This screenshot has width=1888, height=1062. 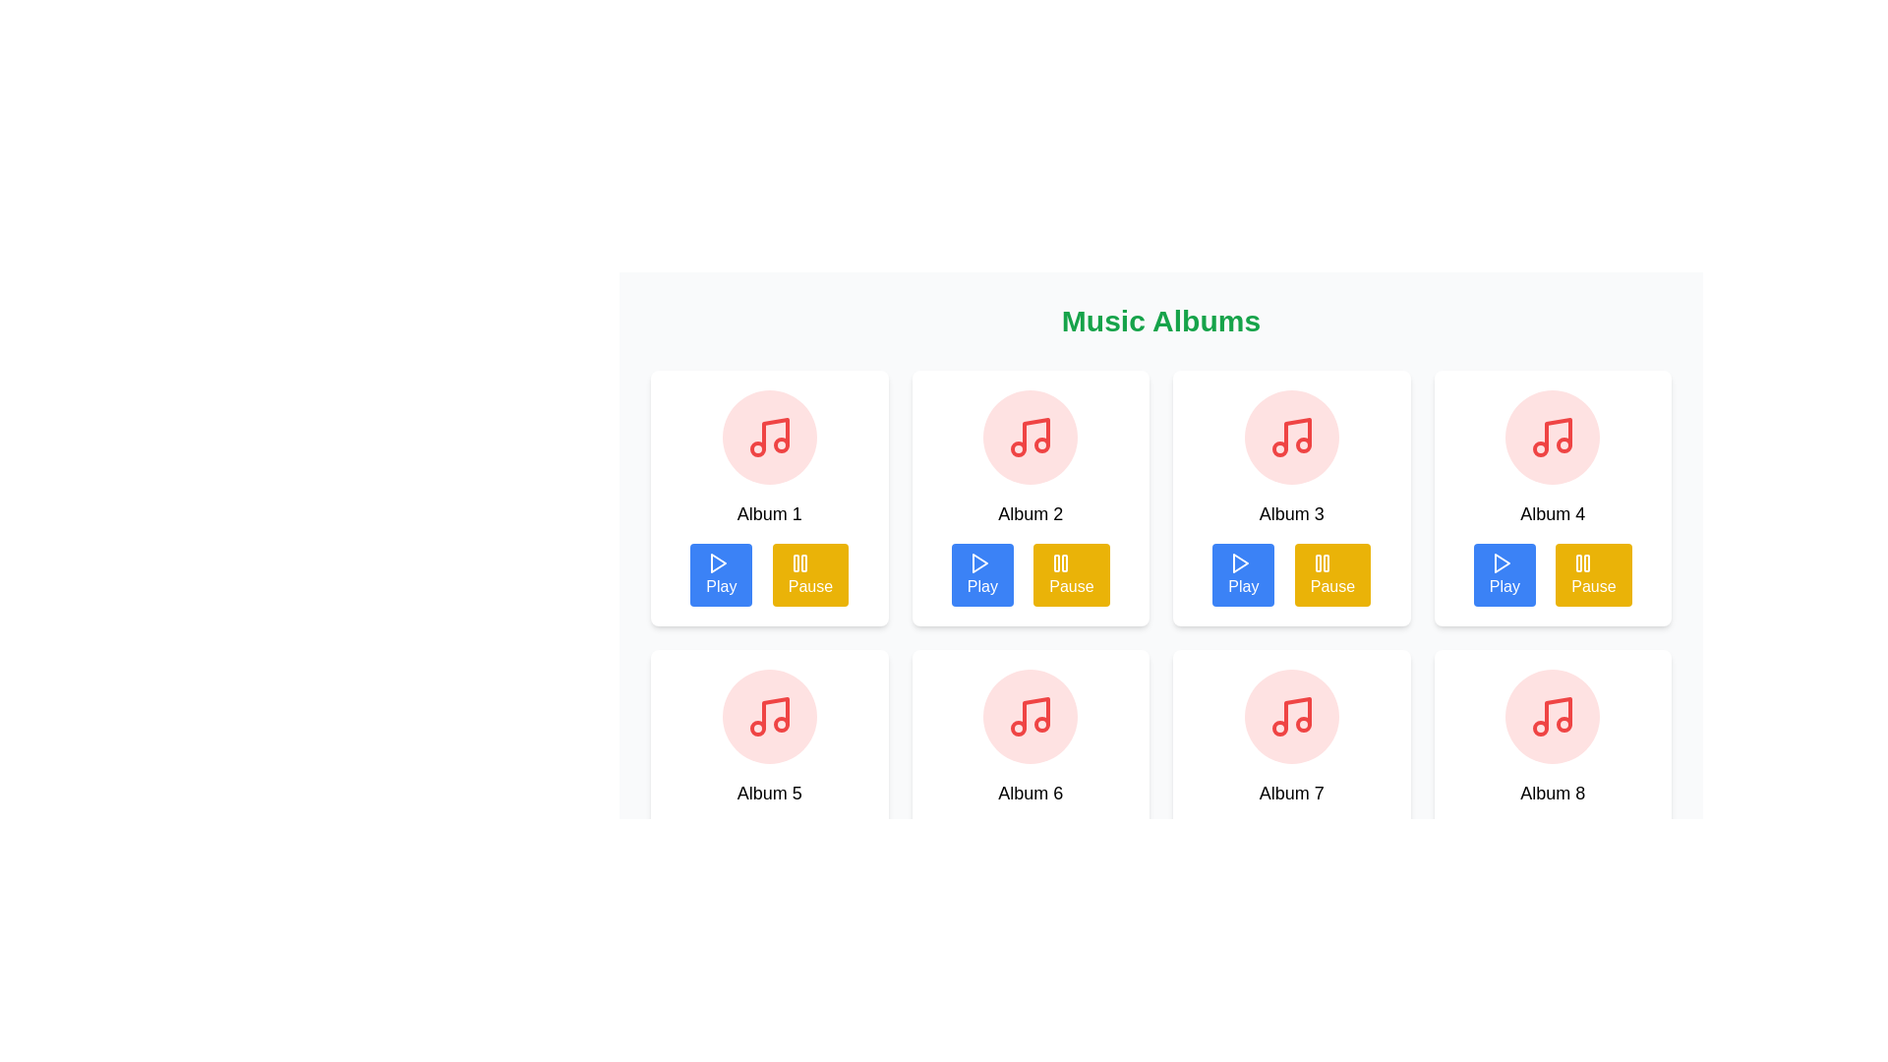 I want to click on the 'Pause' icon, which is a vertically aligned rectangular icon with two white bars on a yellow background, located in the fourth album's action area below the album thumbnail and to the right of the 'Play' button, so click(x=1583, y=563).